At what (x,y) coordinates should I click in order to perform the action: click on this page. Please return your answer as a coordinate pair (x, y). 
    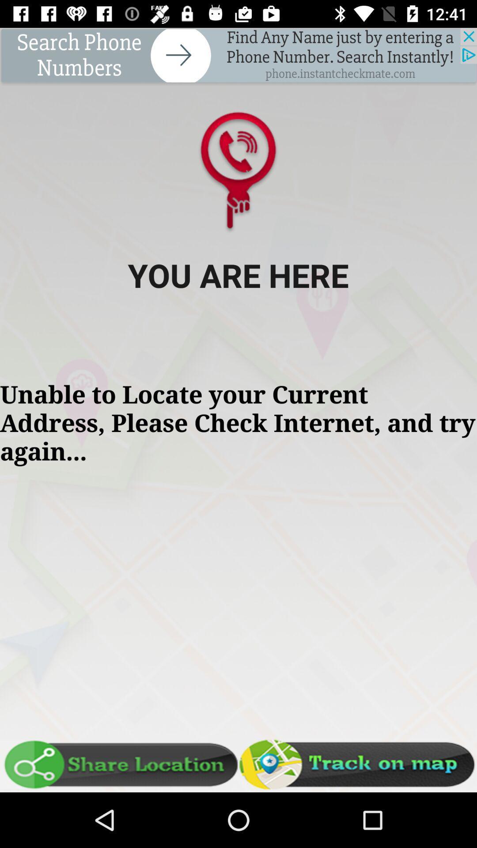
    Looking at the image, I should click on (238, 56).